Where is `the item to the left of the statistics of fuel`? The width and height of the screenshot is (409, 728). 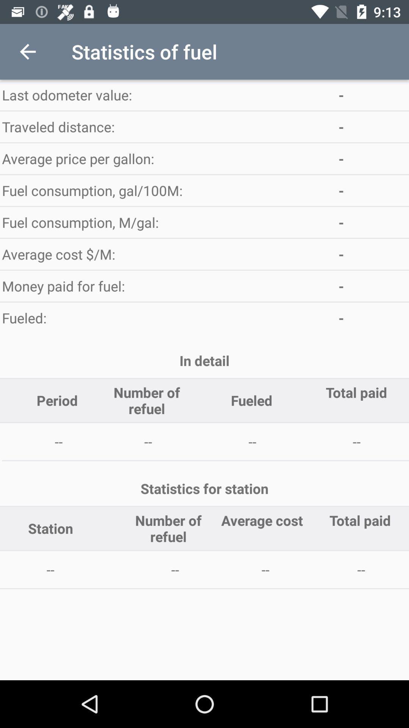
the item to the left of the statistics of fuel is located at coordinates (27, 51).